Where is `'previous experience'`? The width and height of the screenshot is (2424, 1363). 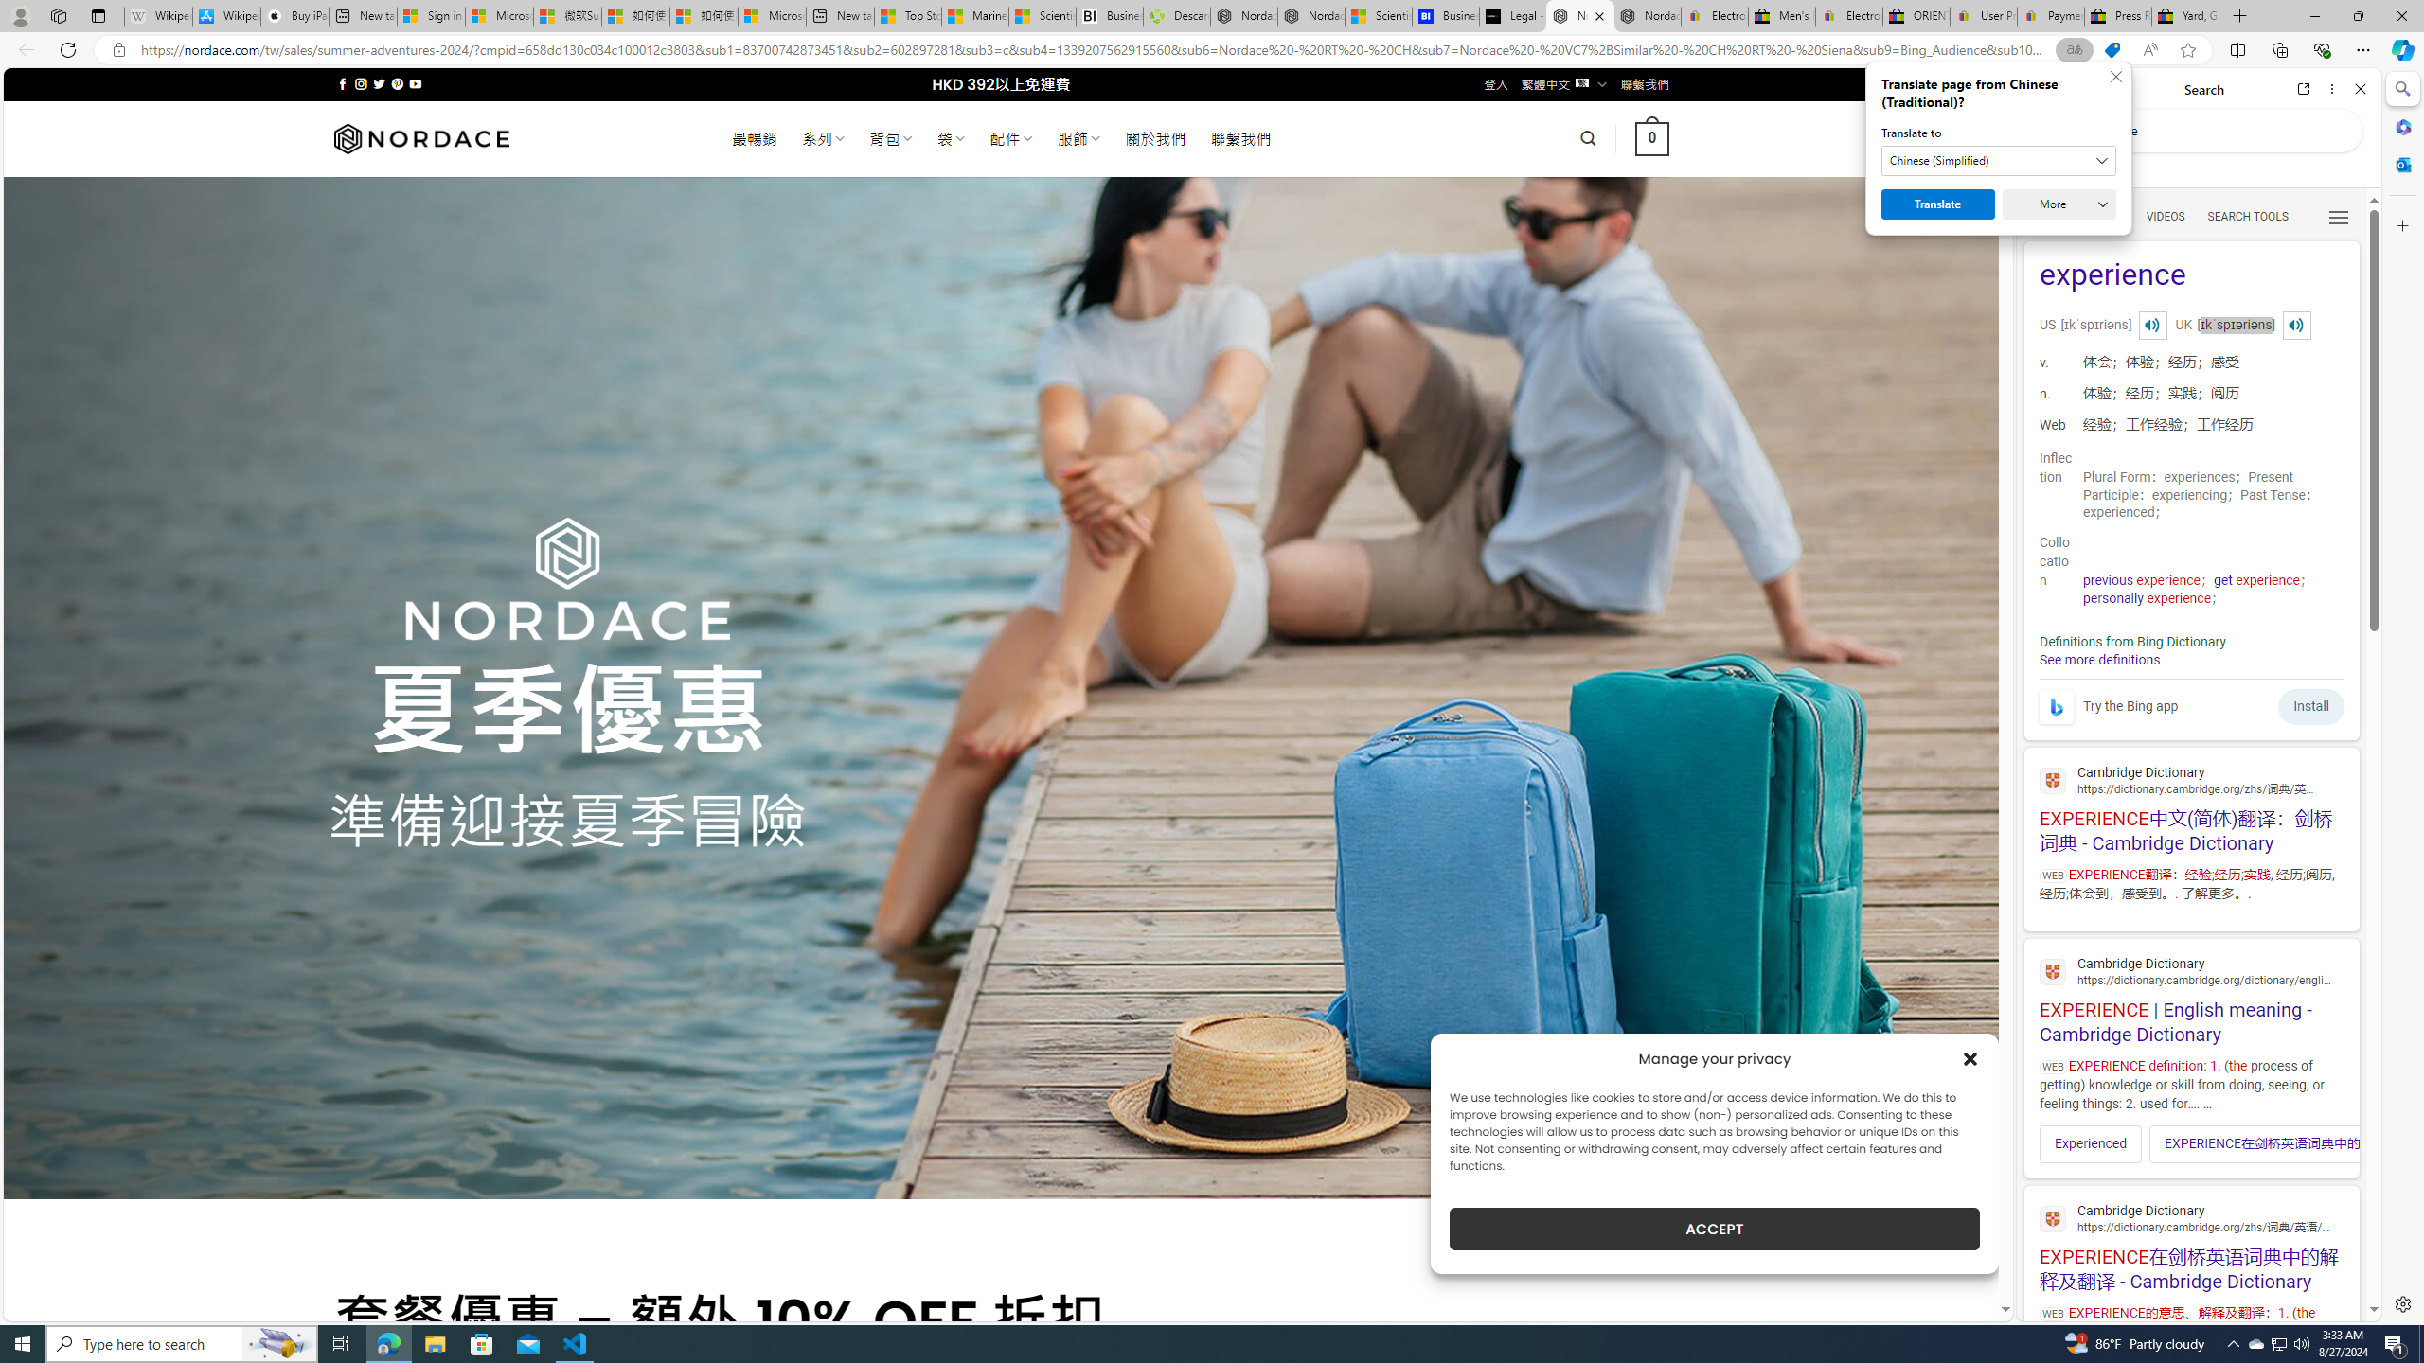
'previous experience' is located at coordinates (2141, 579).